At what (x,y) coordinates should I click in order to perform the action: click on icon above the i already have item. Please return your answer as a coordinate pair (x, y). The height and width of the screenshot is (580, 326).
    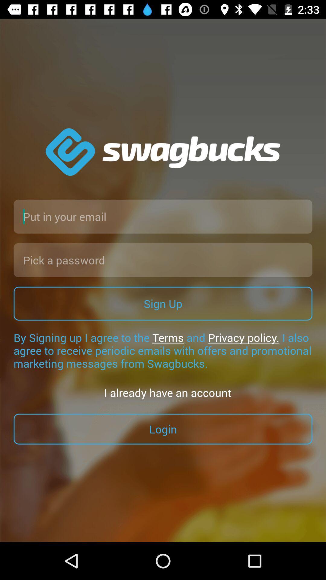
    Looking at the image, I should click on (163, 350).